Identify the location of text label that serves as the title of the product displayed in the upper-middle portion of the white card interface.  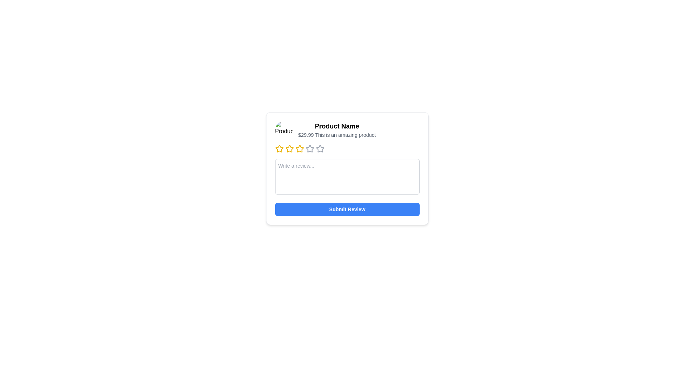
(337, 126).